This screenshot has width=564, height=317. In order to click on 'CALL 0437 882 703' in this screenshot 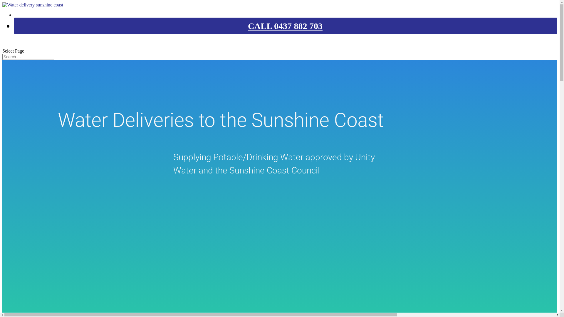, I will do `click(285, 26)`.